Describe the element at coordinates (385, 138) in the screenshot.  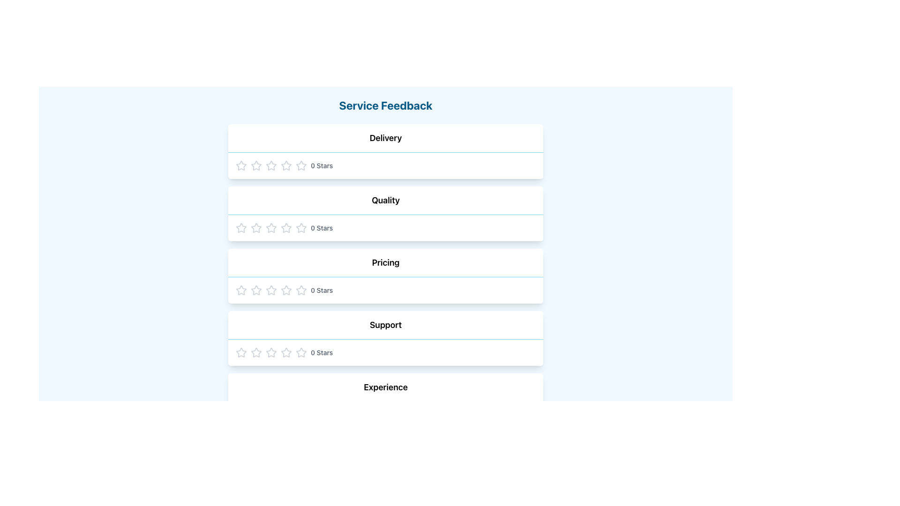
I see `the 'Delivery' text label in the 'Service Feedback' section, which is the top text label above the star rating row labeled '0 Stars'` at that location.